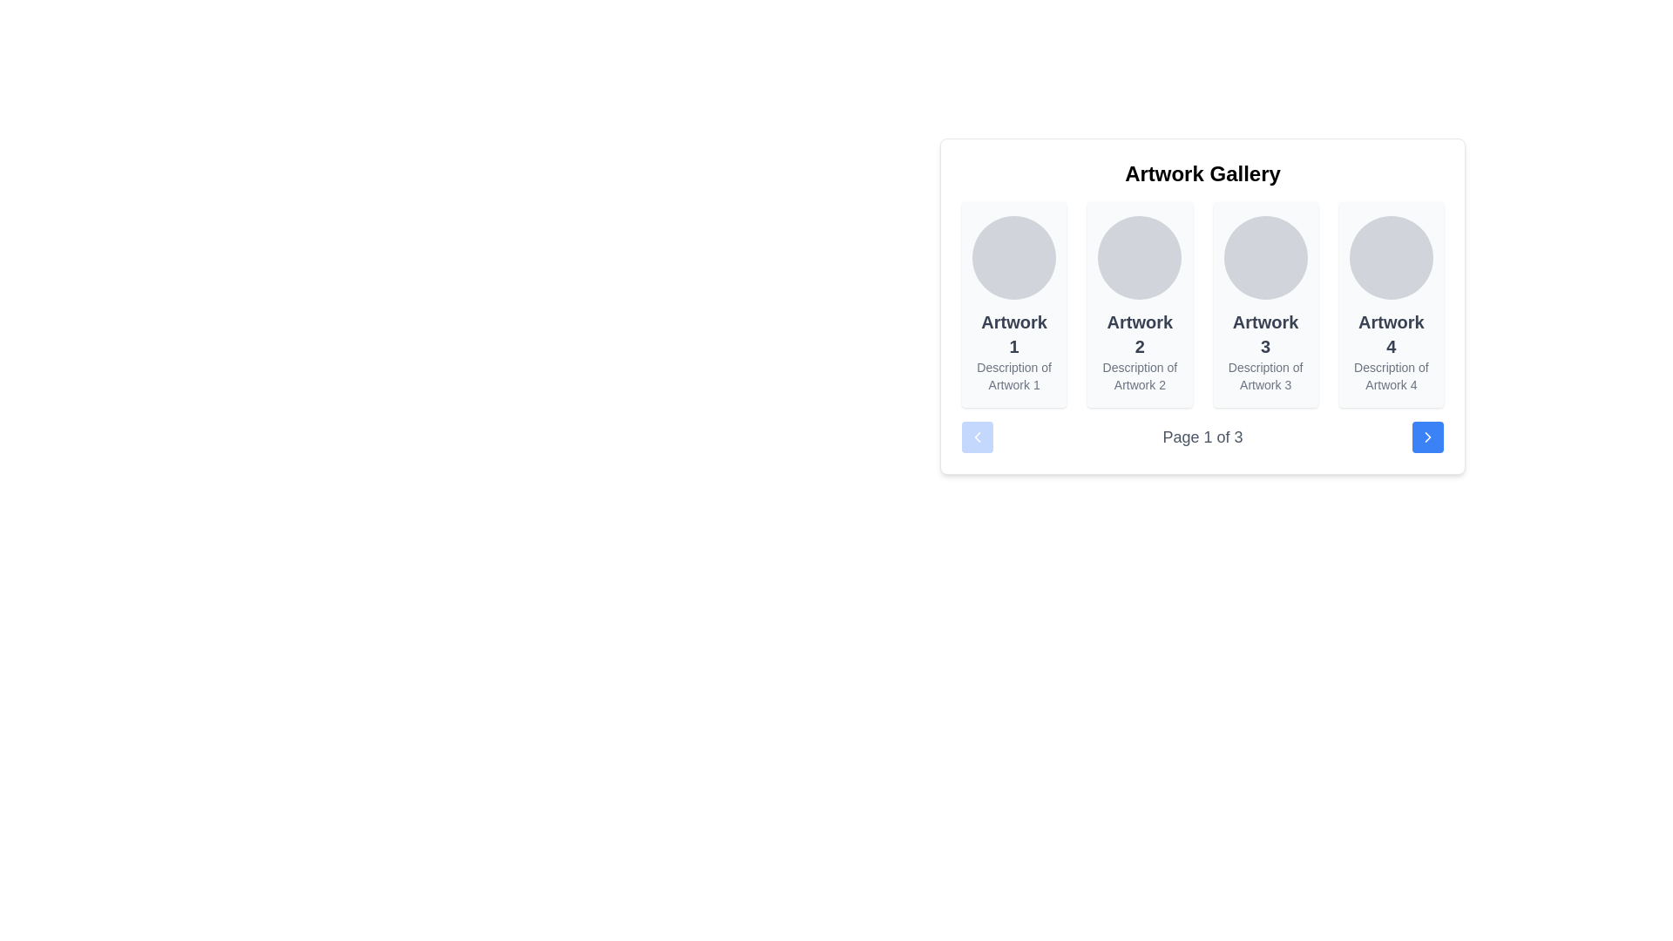 The width and height of the screenshot is (1673, 941). Describe the element at coordinates (1140, 258) in the screenshot. I see `the decorative graphical element representing 'Artwork 2' in the gallery, which is a circular element at the top of the card labeled 'Artwork 2'` at that location.